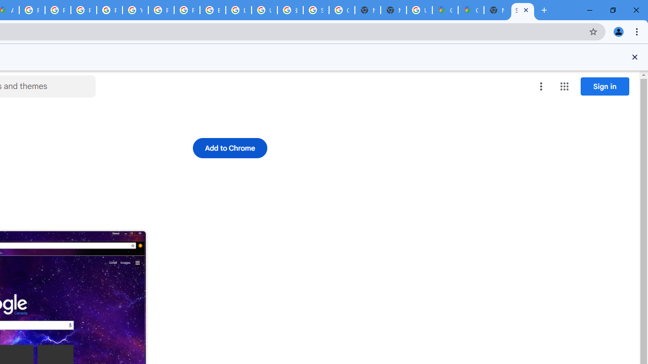 The height and width of the screenshot is (364, 648). What do you see at coordinates (637, 31) in the screenshot?
I see `'Chrome'` at bounding box center [637, 31].